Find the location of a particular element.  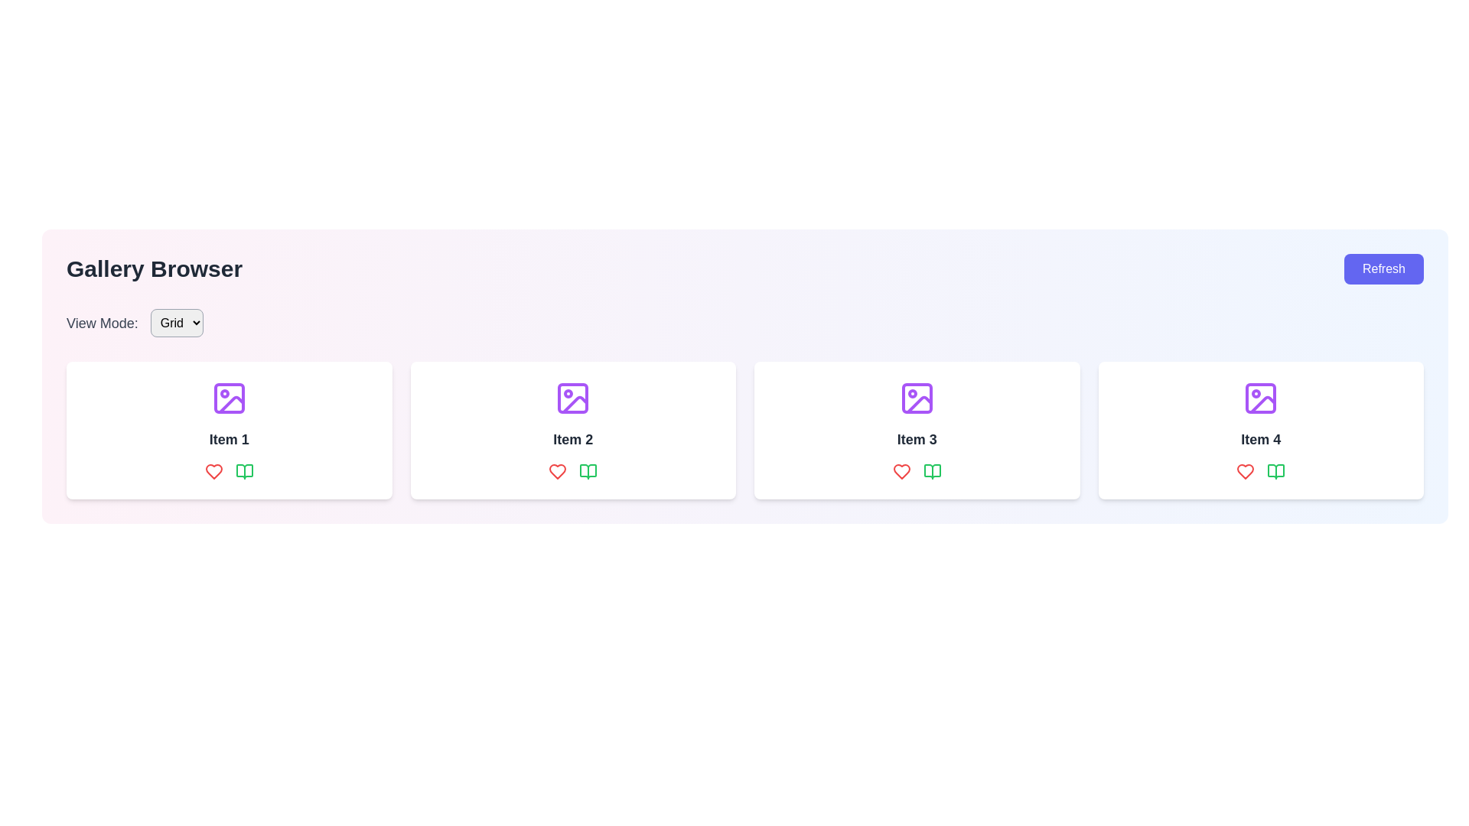

the leftmost icon button beneath the 'Item 3' label to mark it as liked is located at coordinates (901, 471).